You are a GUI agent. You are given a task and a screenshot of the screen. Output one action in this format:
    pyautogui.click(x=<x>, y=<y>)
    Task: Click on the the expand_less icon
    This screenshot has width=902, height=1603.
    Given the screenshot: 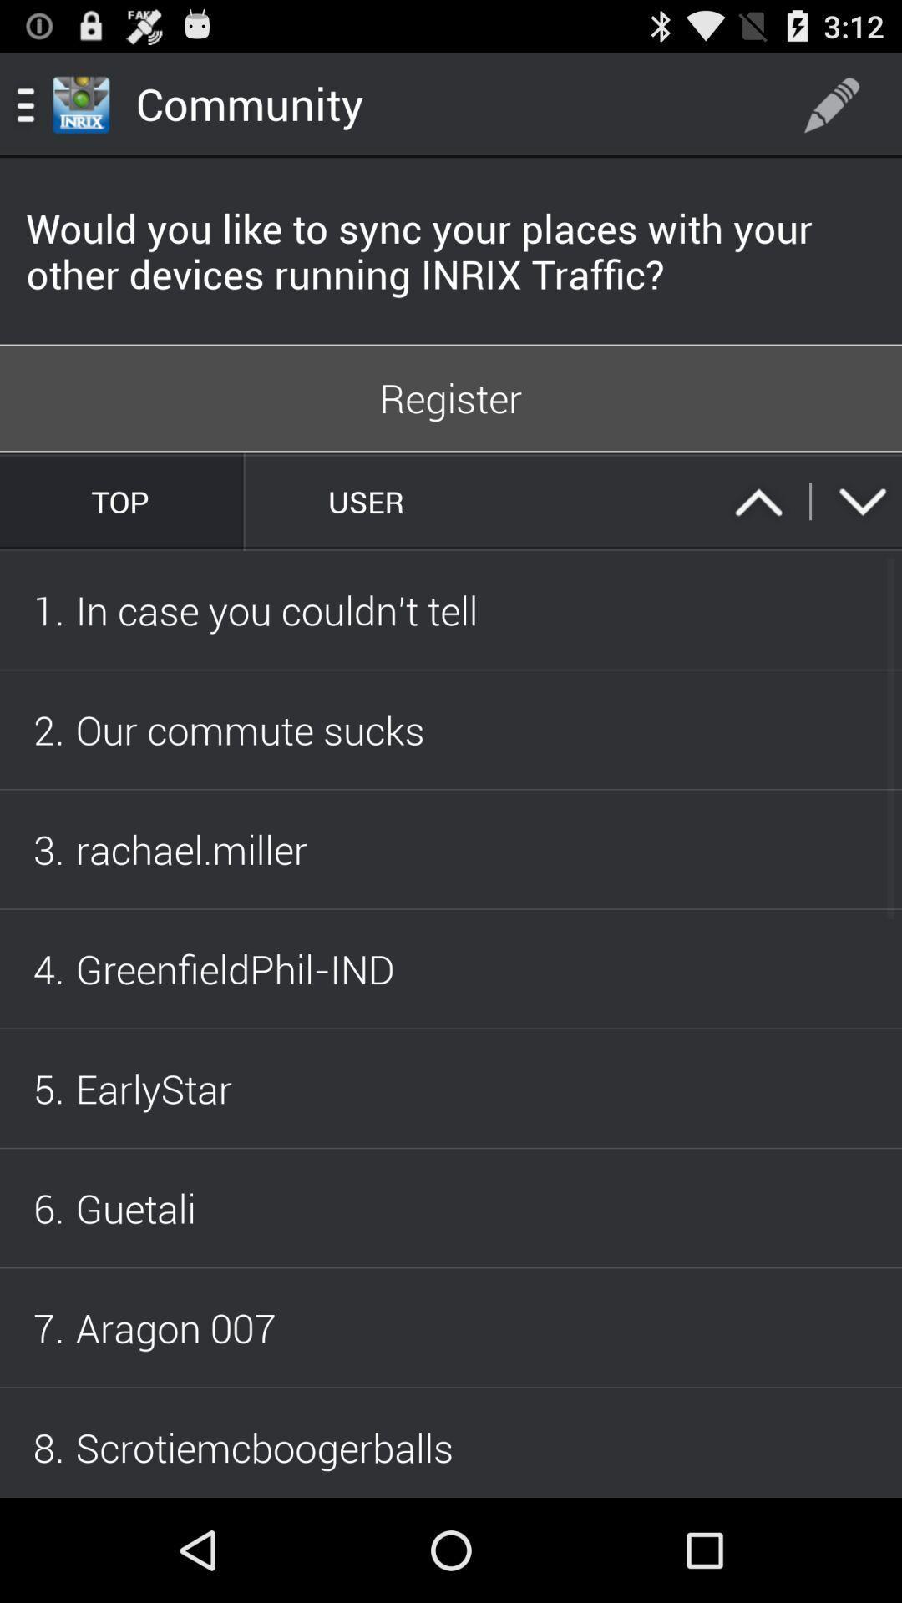 What is the action you would take?
    pyautogui.click(x=758, y=537)
    